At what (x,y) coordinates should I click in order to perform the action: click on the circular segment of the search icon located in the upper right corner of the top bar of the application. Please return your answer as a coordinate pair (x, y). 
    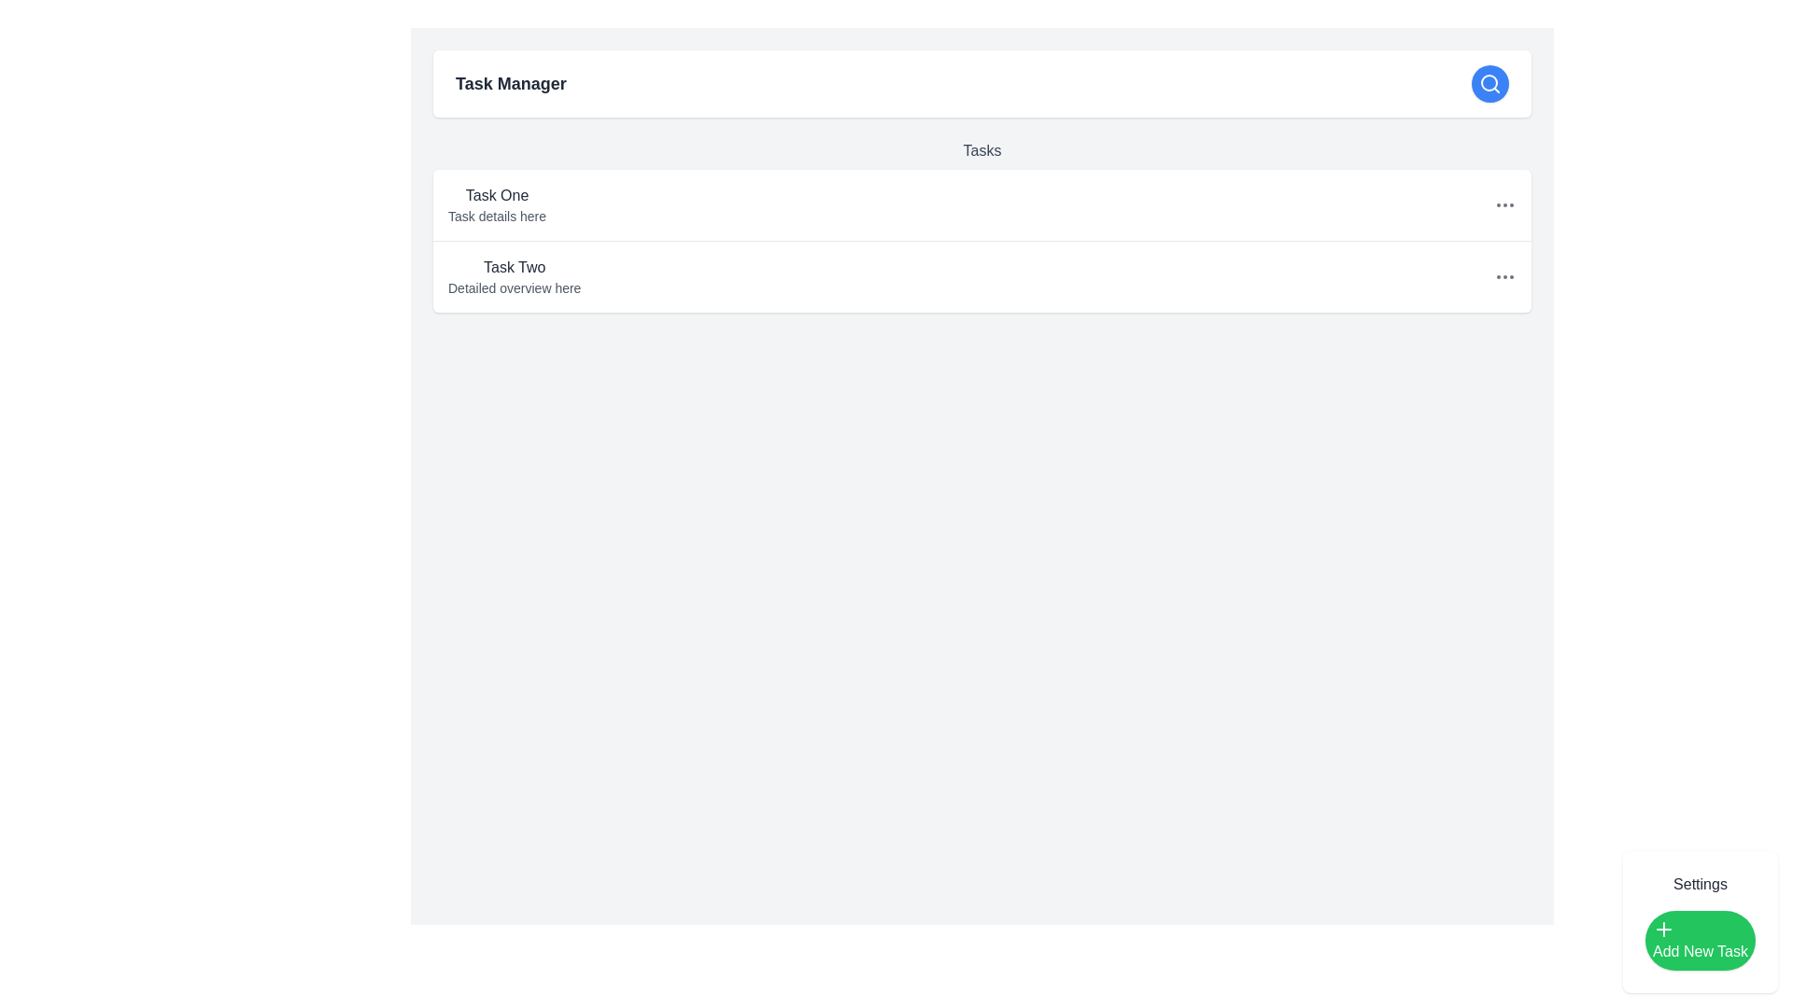
    Looking at the image, I should click on (1488, 81).